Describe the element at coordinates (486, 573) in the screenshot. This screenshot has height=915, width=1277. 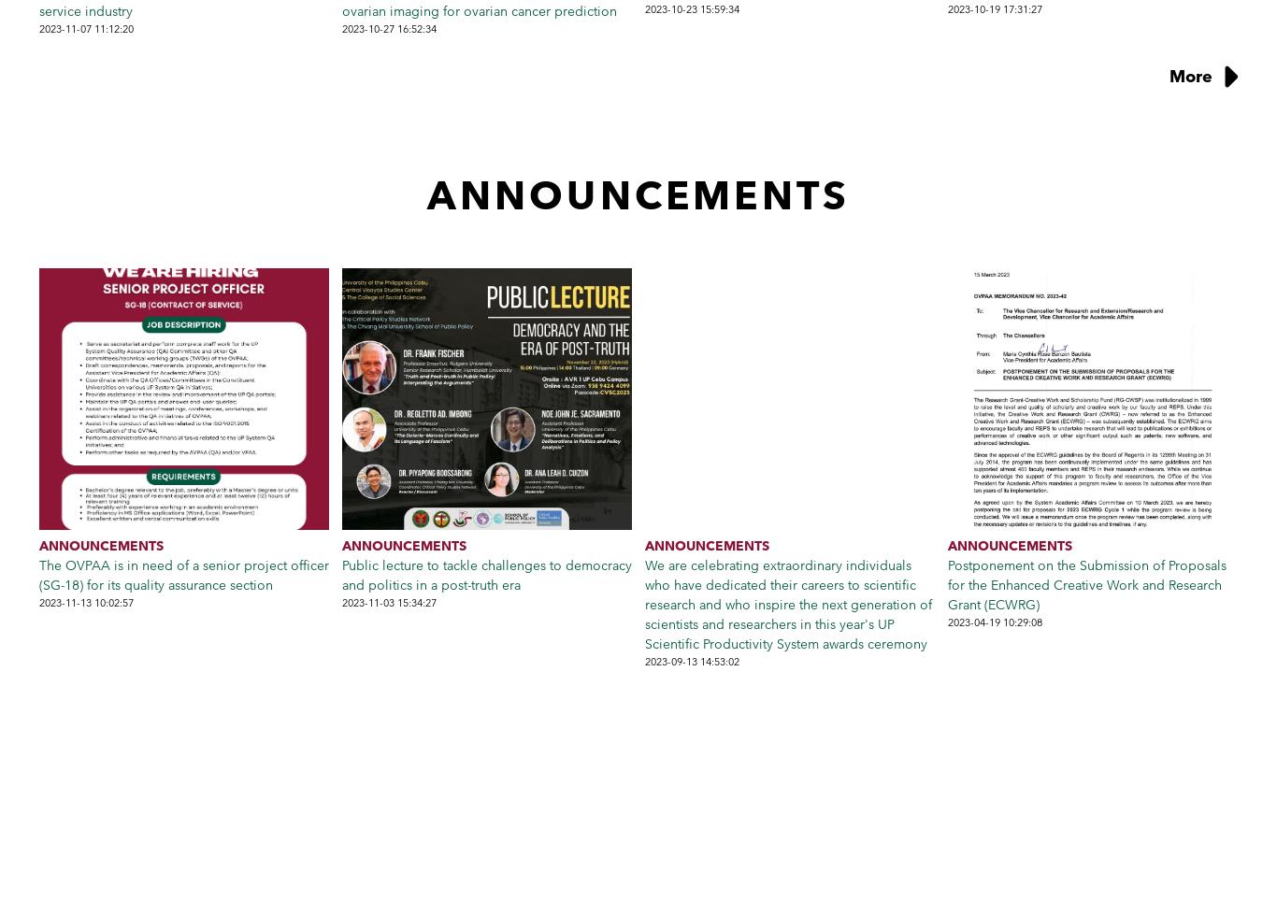
I see `'Public lecture to tackle challenges to democracy and politics in a post-truth era'` at that location.